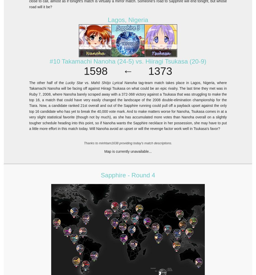 The image size is (256, 275). I want to click on '1598     ←     1373', so click(127, 71).